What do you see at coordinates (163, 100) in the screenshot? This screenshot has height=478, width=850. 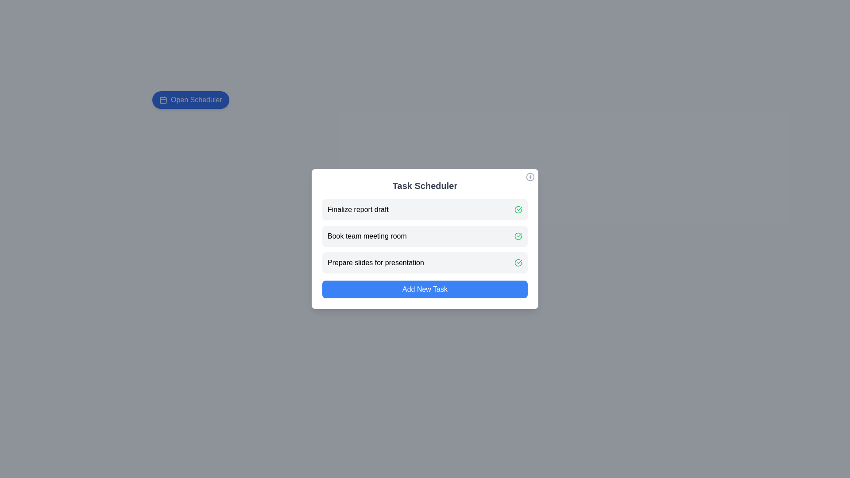 I see `the 'Open Scheduler' button by interacting with its leftmost icon` at bounding box center [163, 100].